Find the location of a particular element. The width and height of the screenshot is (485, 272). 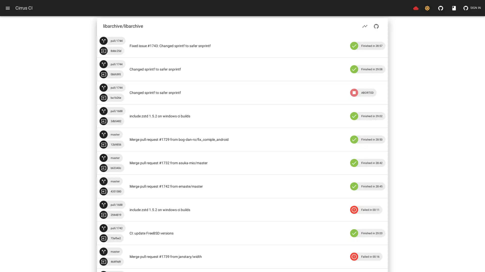

pull/1744 is located at coordinates (112, 41).